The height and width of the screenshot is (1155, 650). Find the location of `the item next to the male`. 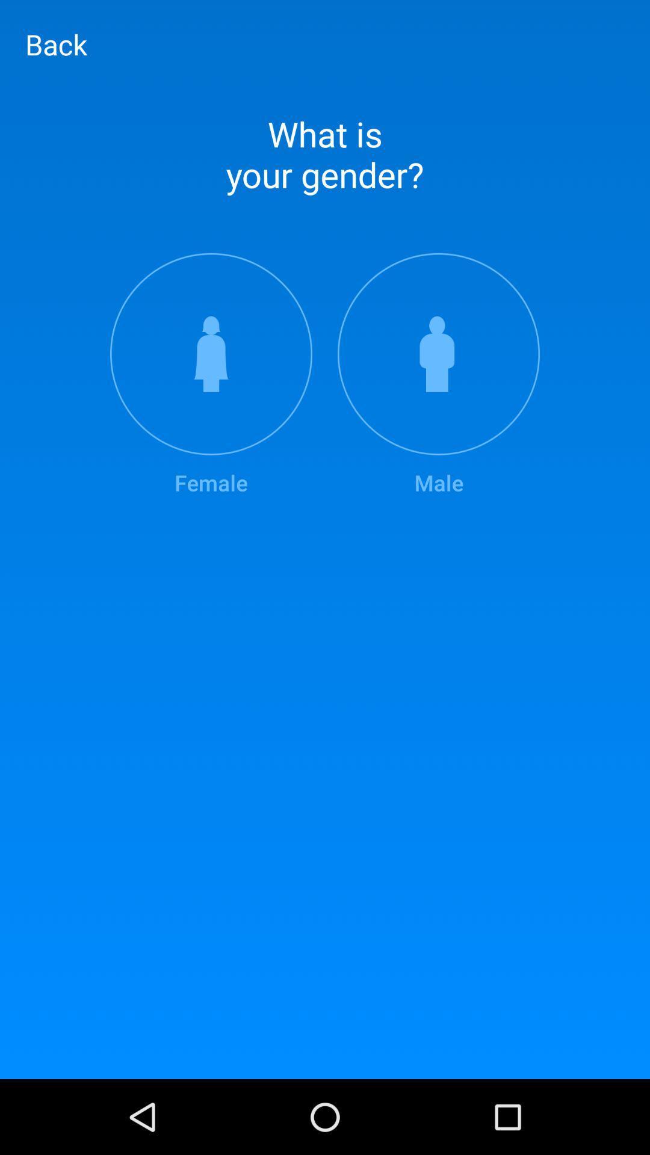

the item next to the male is located at coordinates (211, 375).